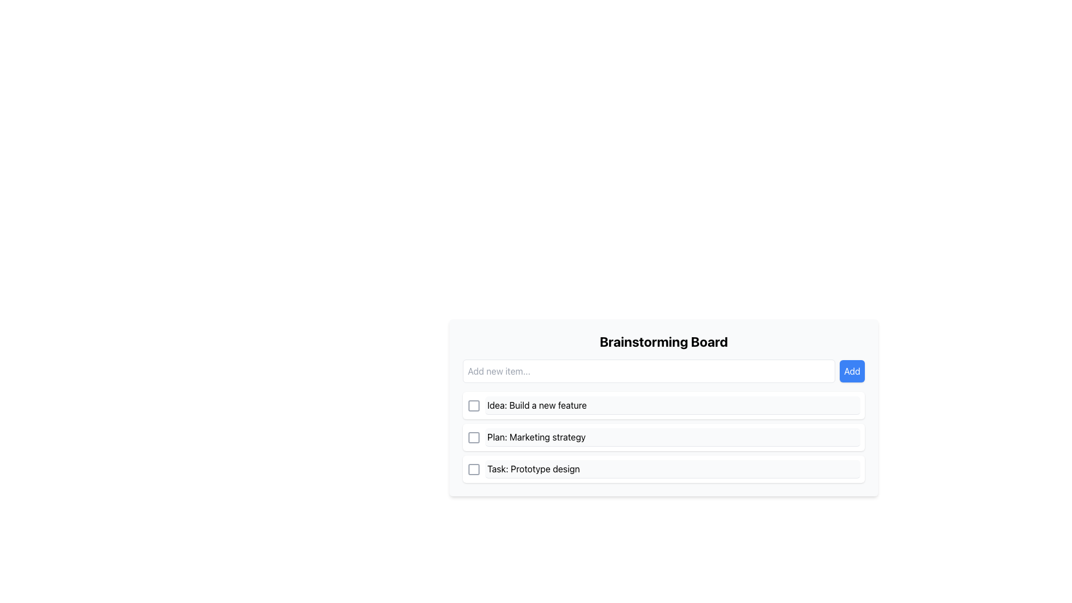  Describe the element at coordinates (474, 469) in the screenshot. I see `the small gray square icon with rounded corners, located adjacent to the 'Task: Prototype design' item in the brainstorming board` at that location.